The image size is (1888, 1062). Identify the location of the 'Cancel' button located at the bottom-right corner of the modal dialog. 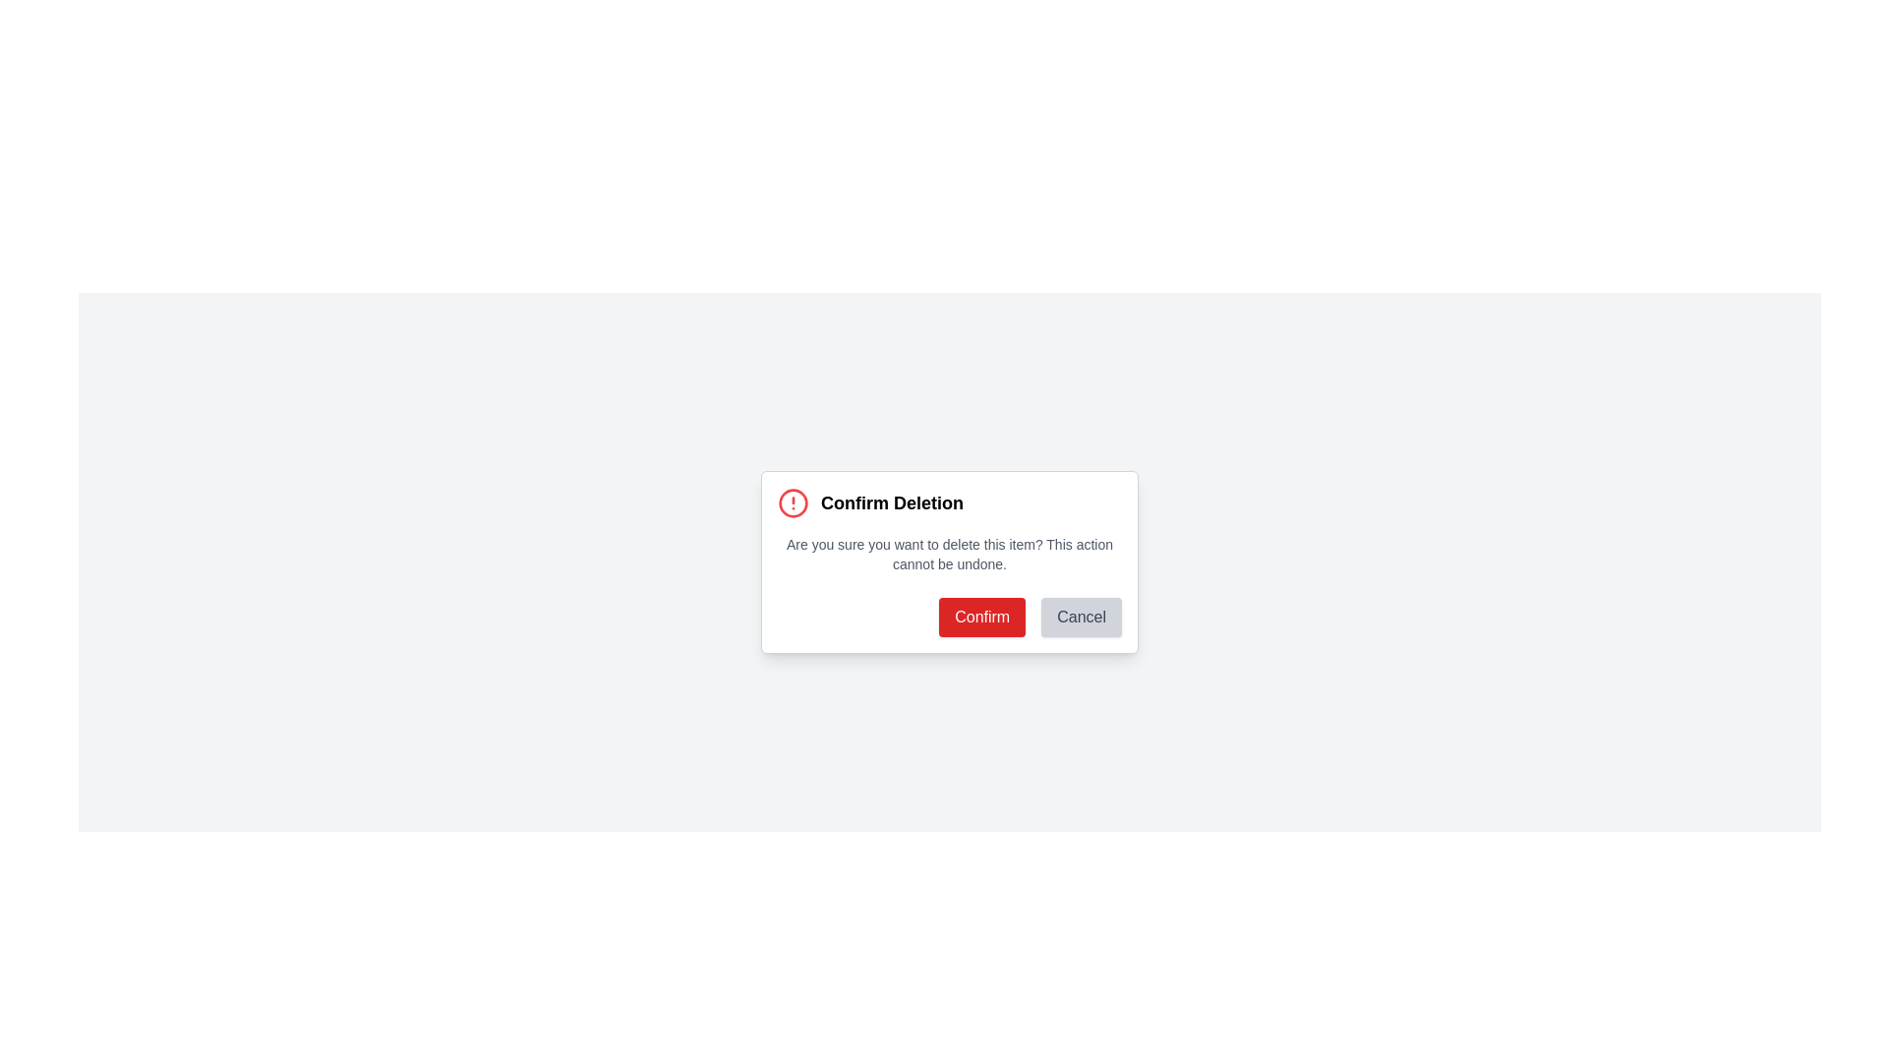
(1081, 617).